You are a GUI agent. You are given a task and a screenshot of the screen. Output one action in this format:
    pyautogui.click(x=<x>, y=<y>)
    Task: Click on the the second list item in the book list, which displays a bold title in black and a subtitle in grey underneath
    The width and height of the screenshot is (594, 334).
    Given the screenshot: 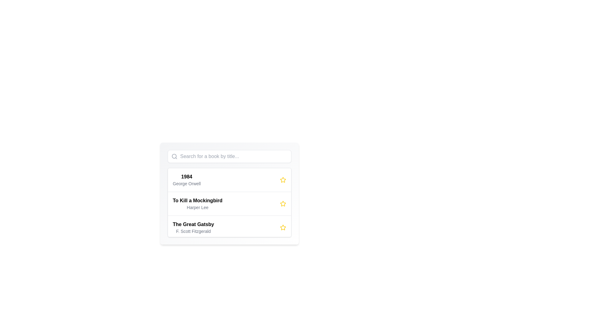 What is the action you would take?
    pyautogui.click(x=229, y=203)
    